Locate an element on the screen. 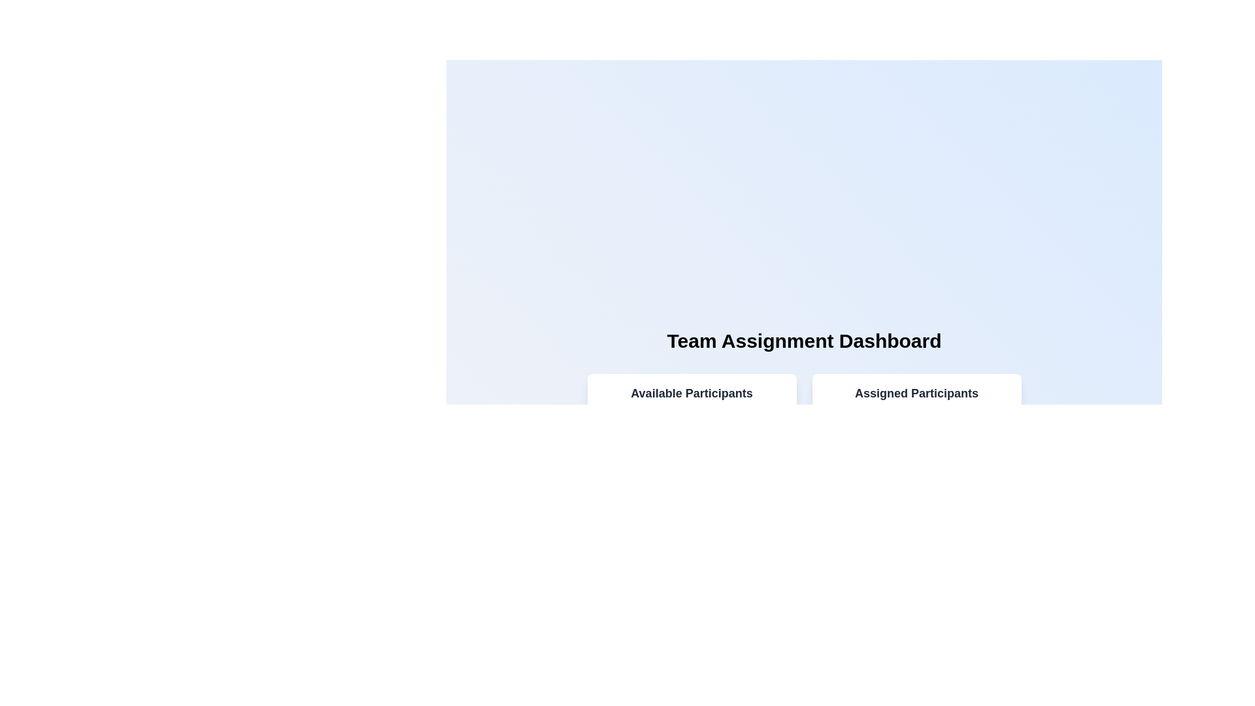  the Heading element at the top of the dashboard, which indicates the page's purpose and is centered above the 'Available Participants' and 'Assigned Participants' columns is located at coordinates (803, 340).